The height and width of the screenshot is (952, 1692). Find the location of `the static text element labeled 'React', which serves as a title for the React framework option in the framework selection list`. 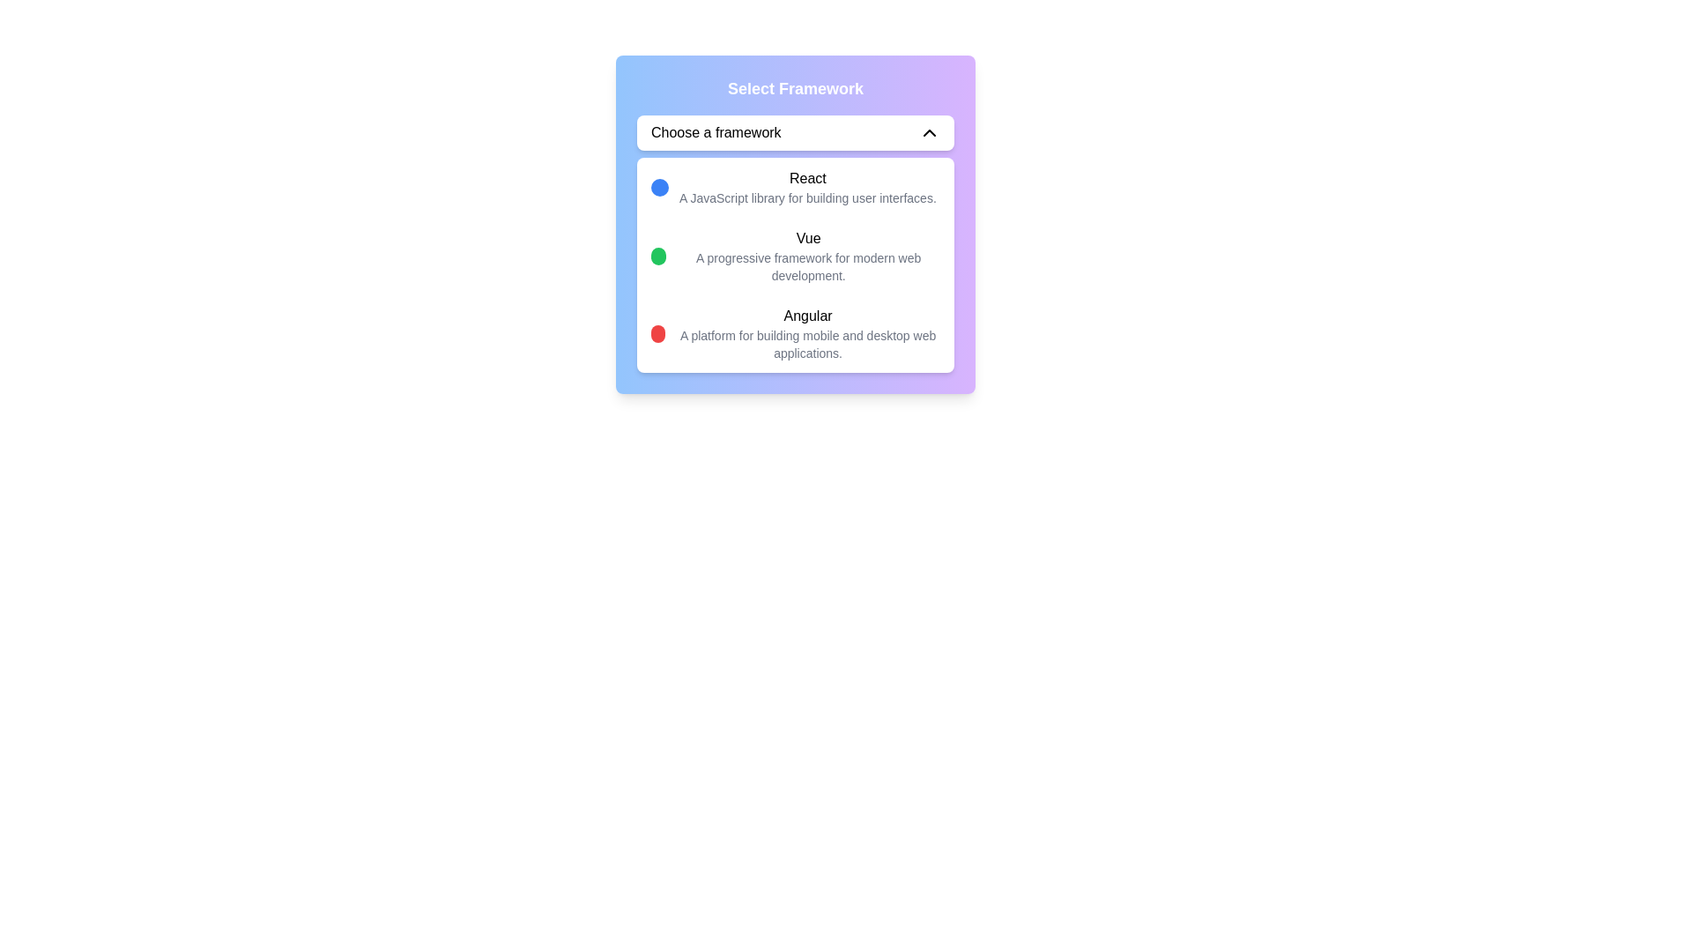

the static text element labeled 'React', which serves as a title for the React framework option in the framework selection list is located at coordinates (806, 179).